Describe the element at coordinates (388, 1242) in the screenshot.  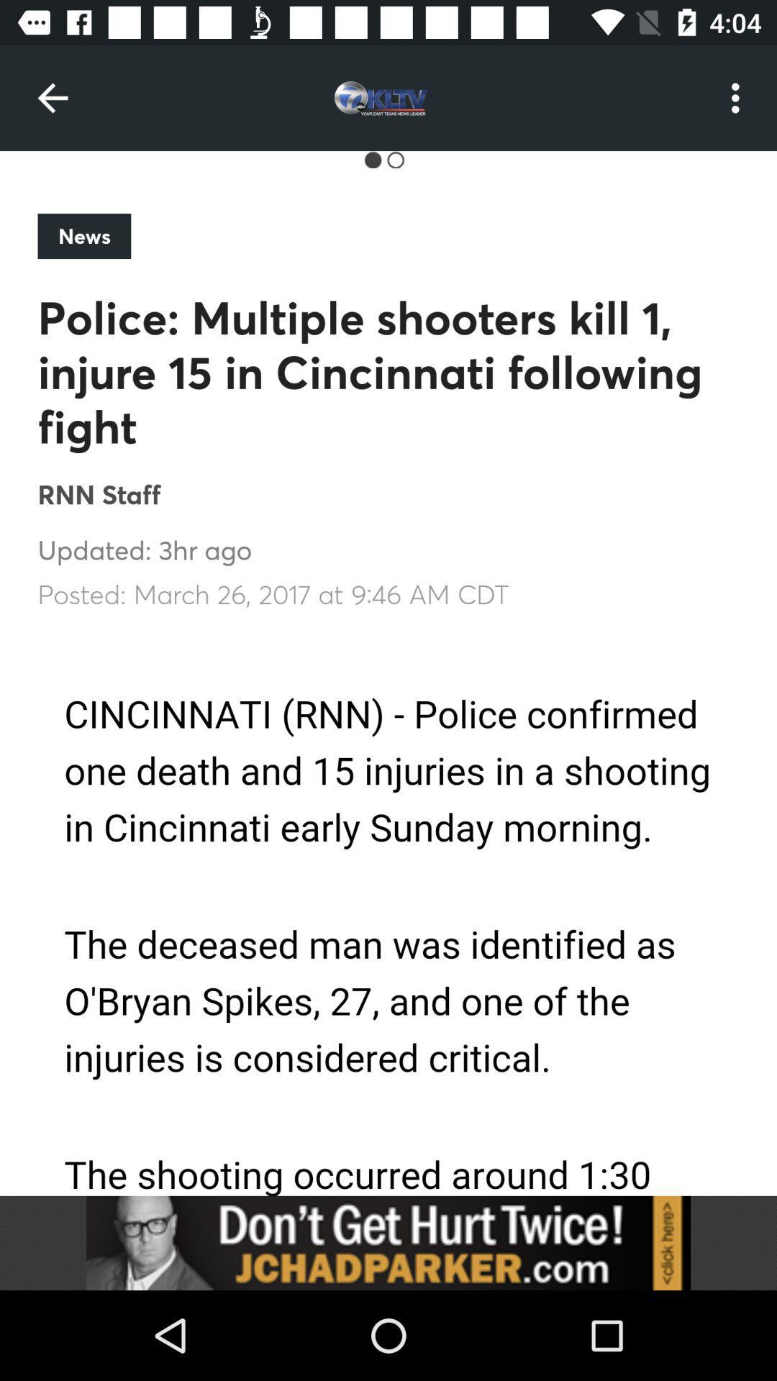
I see `advateshment` at that location.